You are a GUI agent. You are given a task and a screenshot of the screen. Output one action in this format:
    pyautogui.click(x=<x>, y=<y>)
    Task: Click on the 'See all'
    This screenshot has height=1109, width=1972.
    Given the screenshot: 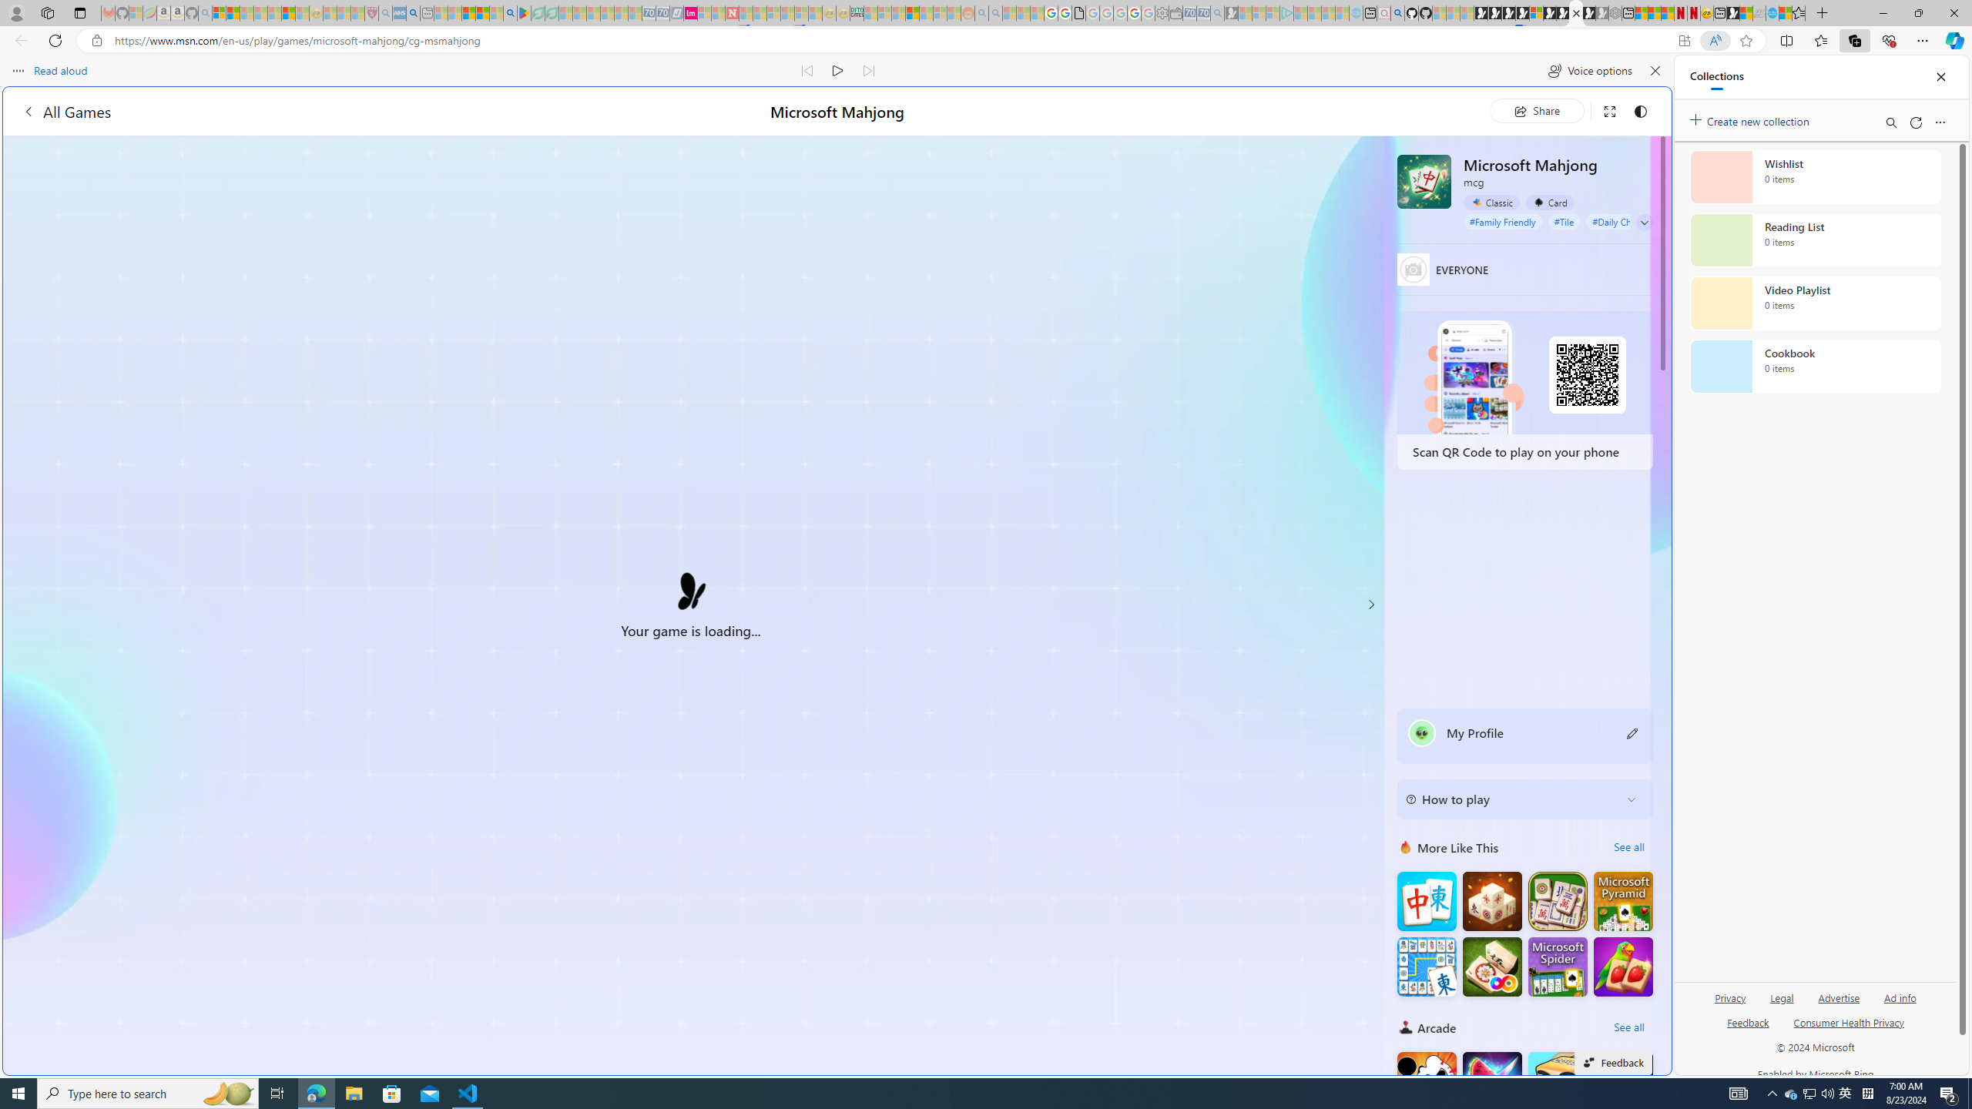 What is the action you would take?
    pyautogui.click(x=1628, y=1027)
    